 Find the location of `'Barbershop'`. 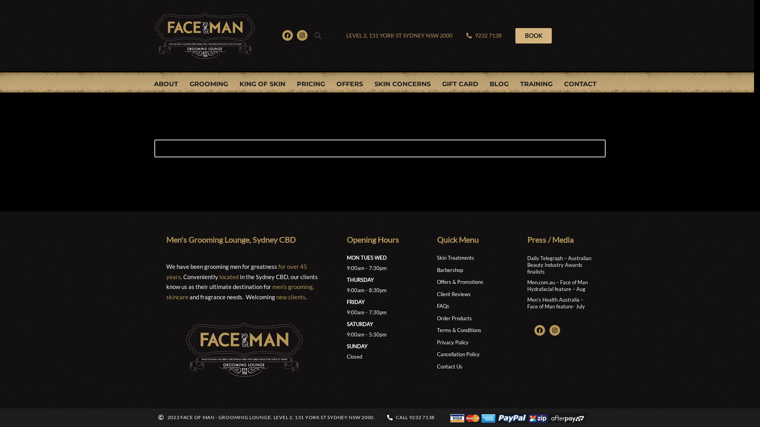

'Barbershop' is located at coordinates (470, 270).